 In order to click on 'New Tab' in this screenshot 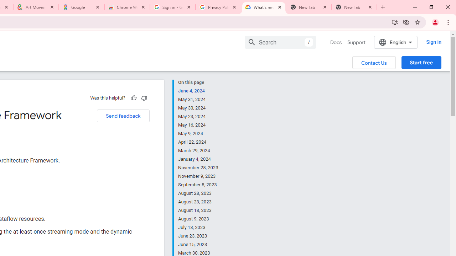, I will do `click(354, 7)`.